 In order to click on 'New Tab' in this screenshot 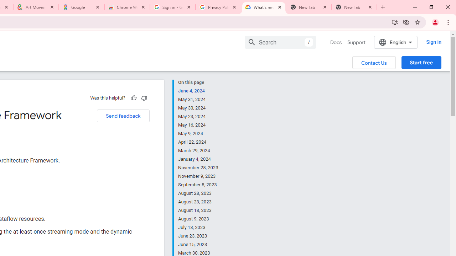, I will do `click(354, 7)`.